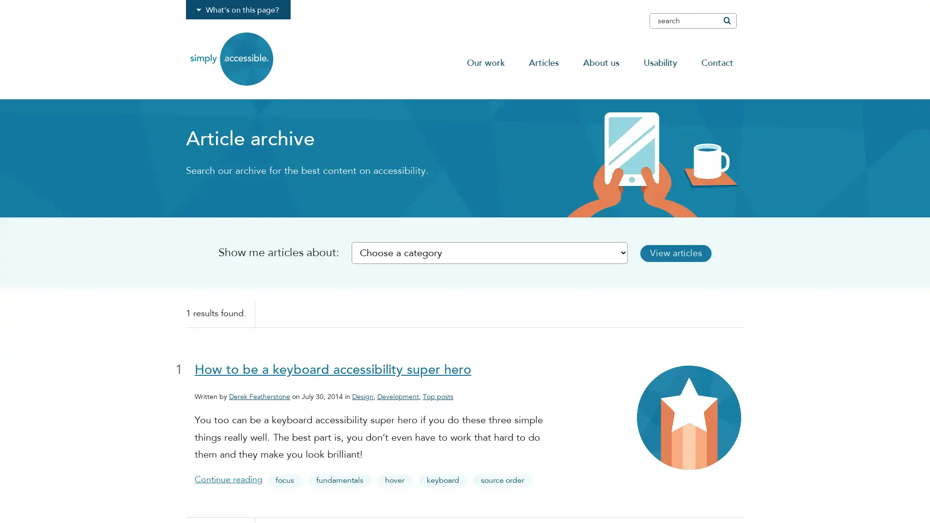  What do you see at coordinates (687, 252) in the screenshot?
I see `View articles` at bounding box center [687, 252].